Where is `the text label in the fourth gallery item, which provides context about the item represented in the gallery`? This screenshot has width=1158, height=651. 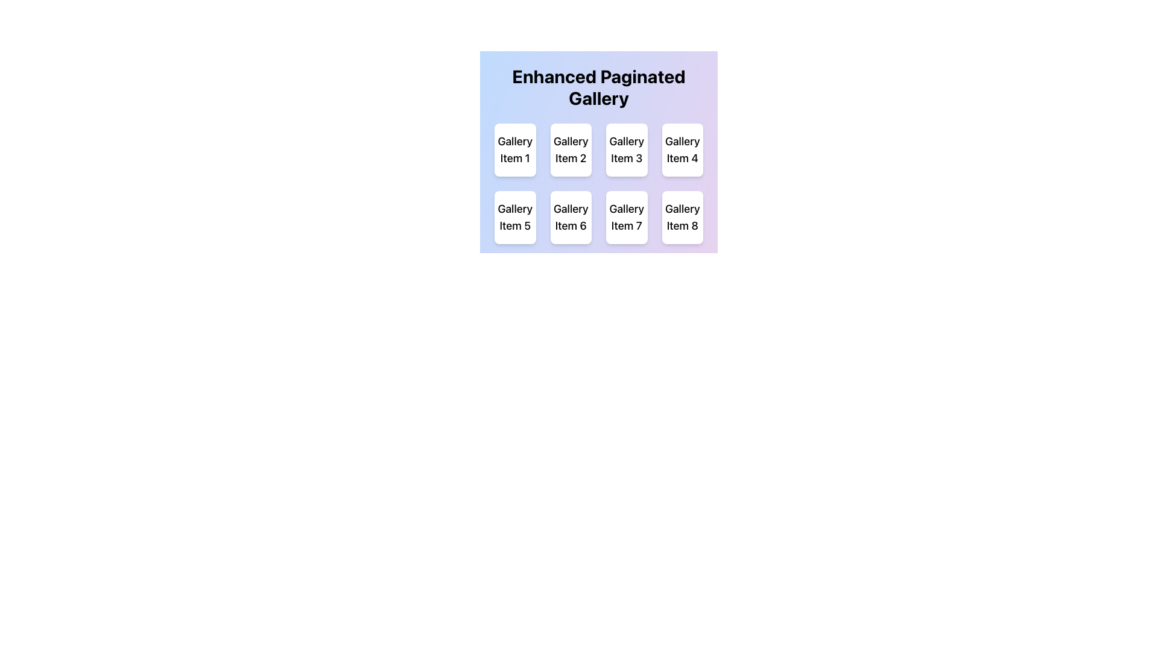 the text label in the fourth gallery item, which provides context about the item represented in the gallery is located at coordinates (682, 149).